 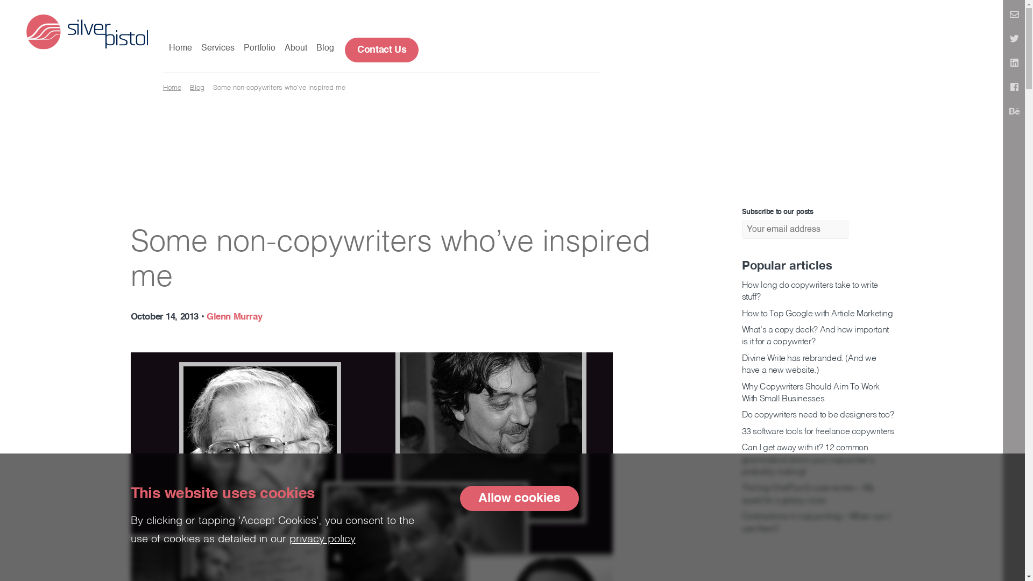 What do you see at coordinates (284, 49) in the screenshot?
I see `'About'` at bounding box center [284, 49].